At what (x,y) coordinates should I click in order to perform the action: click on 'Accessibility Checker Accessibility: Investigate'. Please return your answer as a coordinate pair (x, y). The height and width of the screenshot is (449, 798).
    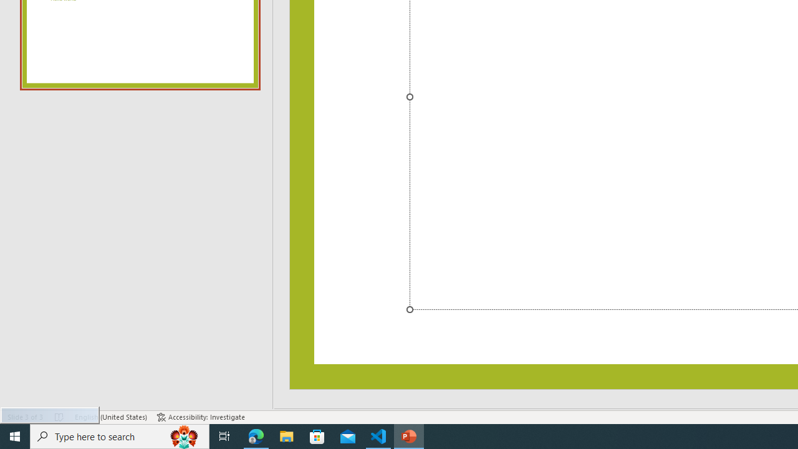
    Looking at the image, I should click on (201, 417).